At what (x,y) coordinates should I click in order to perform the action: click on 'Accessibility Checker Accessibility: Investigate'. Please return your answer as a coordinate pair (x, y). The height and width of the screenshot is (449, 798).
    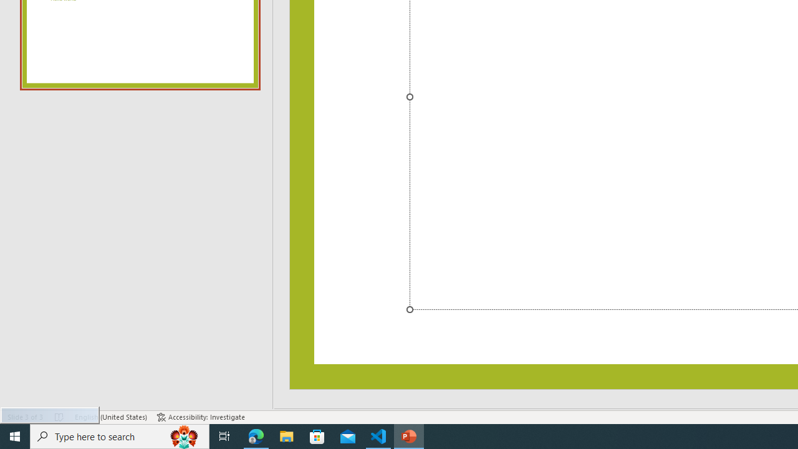
    Looking at the image, I should click on (201, 417).